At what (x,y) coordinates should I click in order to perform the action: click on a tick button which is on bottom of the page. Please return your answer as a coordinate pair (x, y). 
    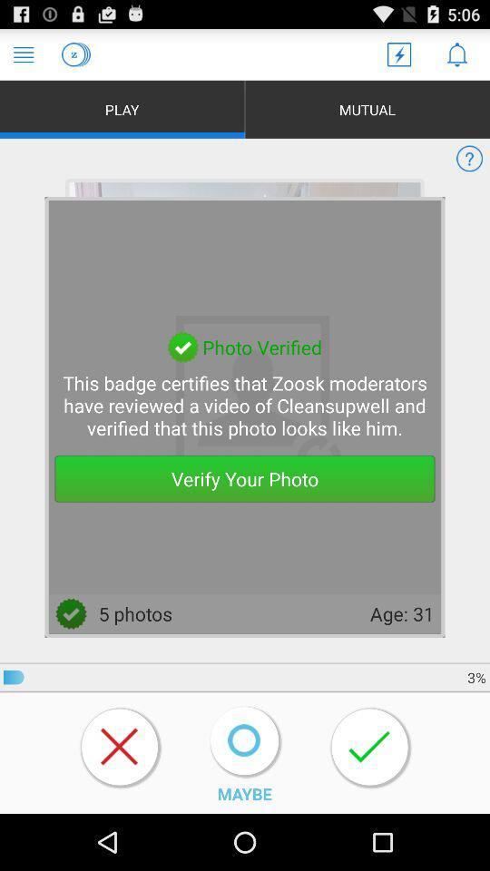
    Looking at the image, I should click on (369, 749).